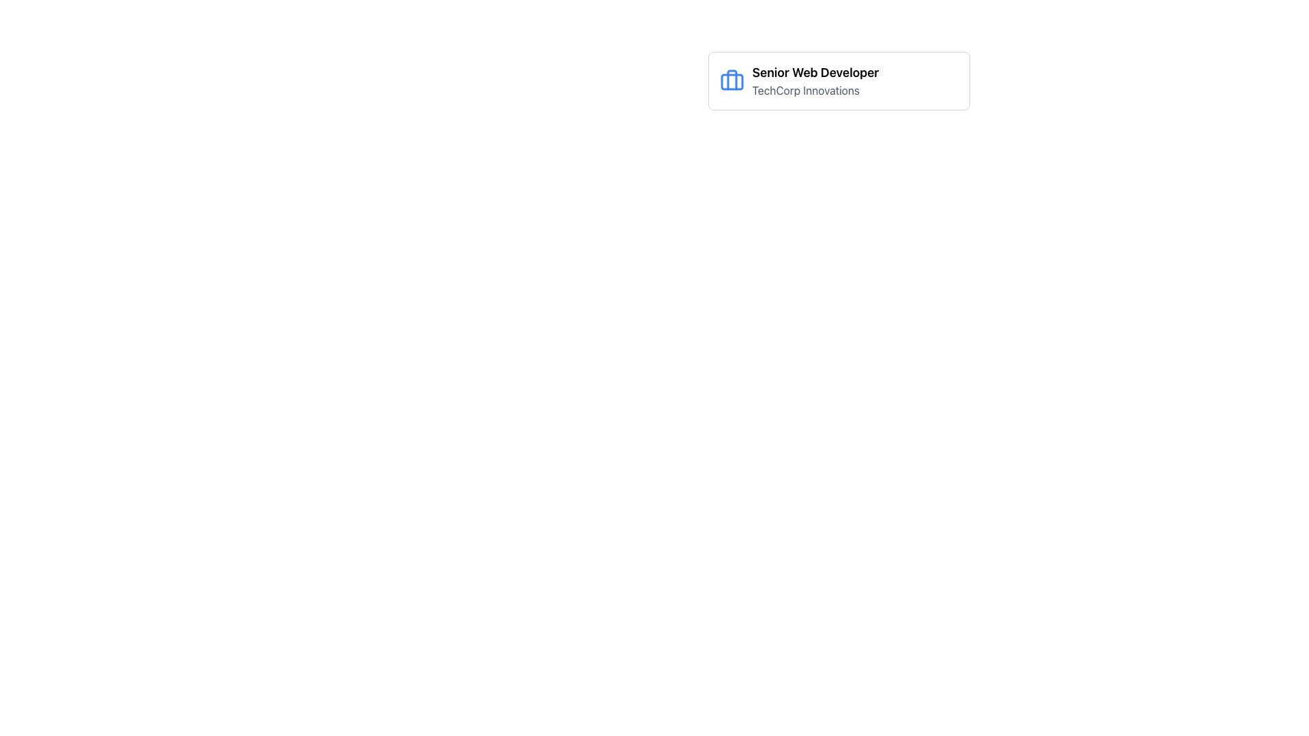 The height and width of the screenshot is (736, 1309). Describe the element at coordinates (731, 82) in the screenshot. I see `the suitcase icon representing the job post for 'Senior Web Developer'` at that location.